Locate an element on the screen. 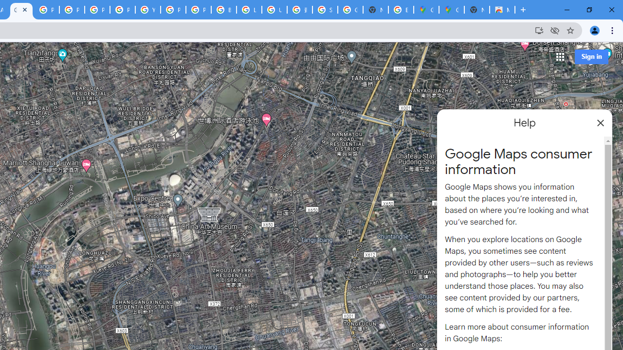 This screenshot has width=623, height=350. 'YouTube' is located at coordinates (147, 10).